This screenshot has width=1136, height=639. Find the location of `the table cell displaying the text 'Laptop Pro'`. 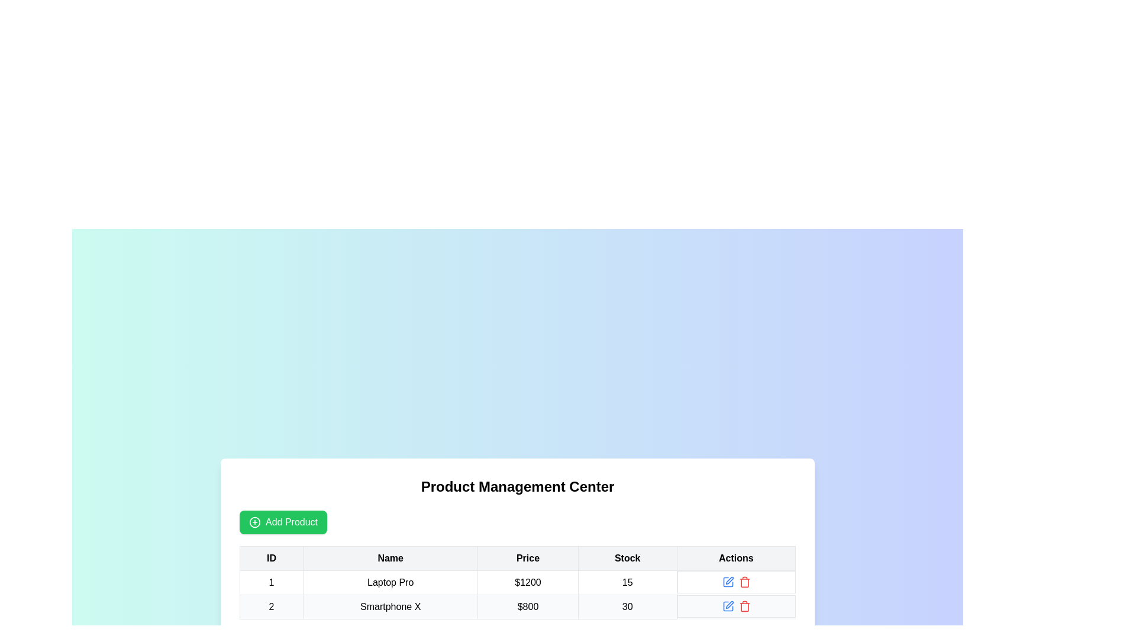

the table cell displaying the text 'Laptop Pro' is located at coordinates (390, 582).